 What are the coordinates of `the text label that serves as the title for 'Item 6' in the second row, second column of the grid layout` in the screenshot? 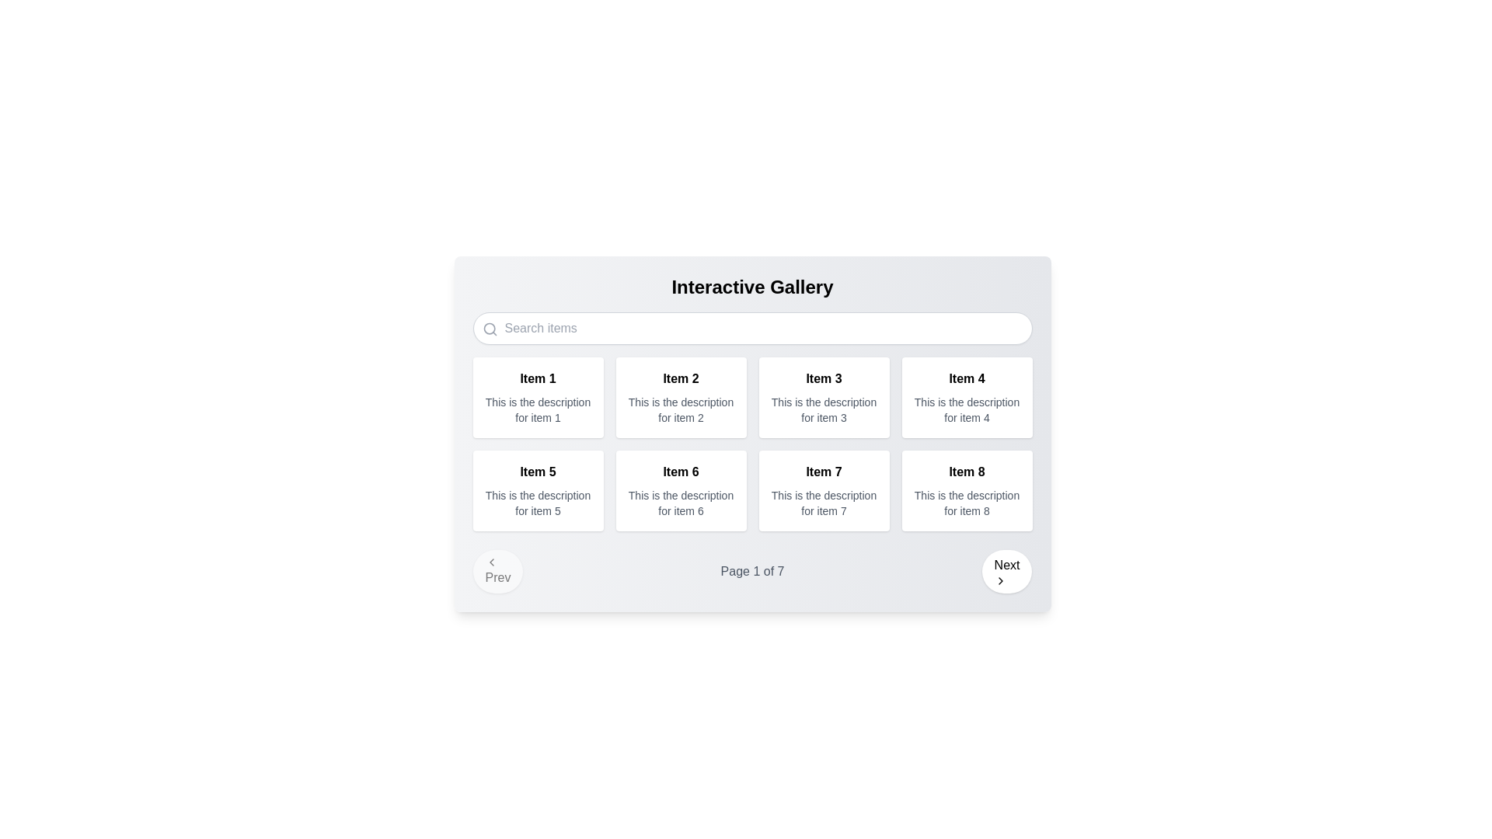 It's located at (681, 472).